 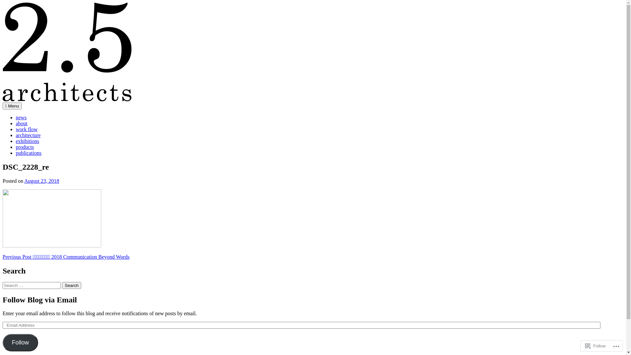 What do you see at coordinates (25, 147) in the screenshot?
I see `'products'` at bounding box center [25, 147].